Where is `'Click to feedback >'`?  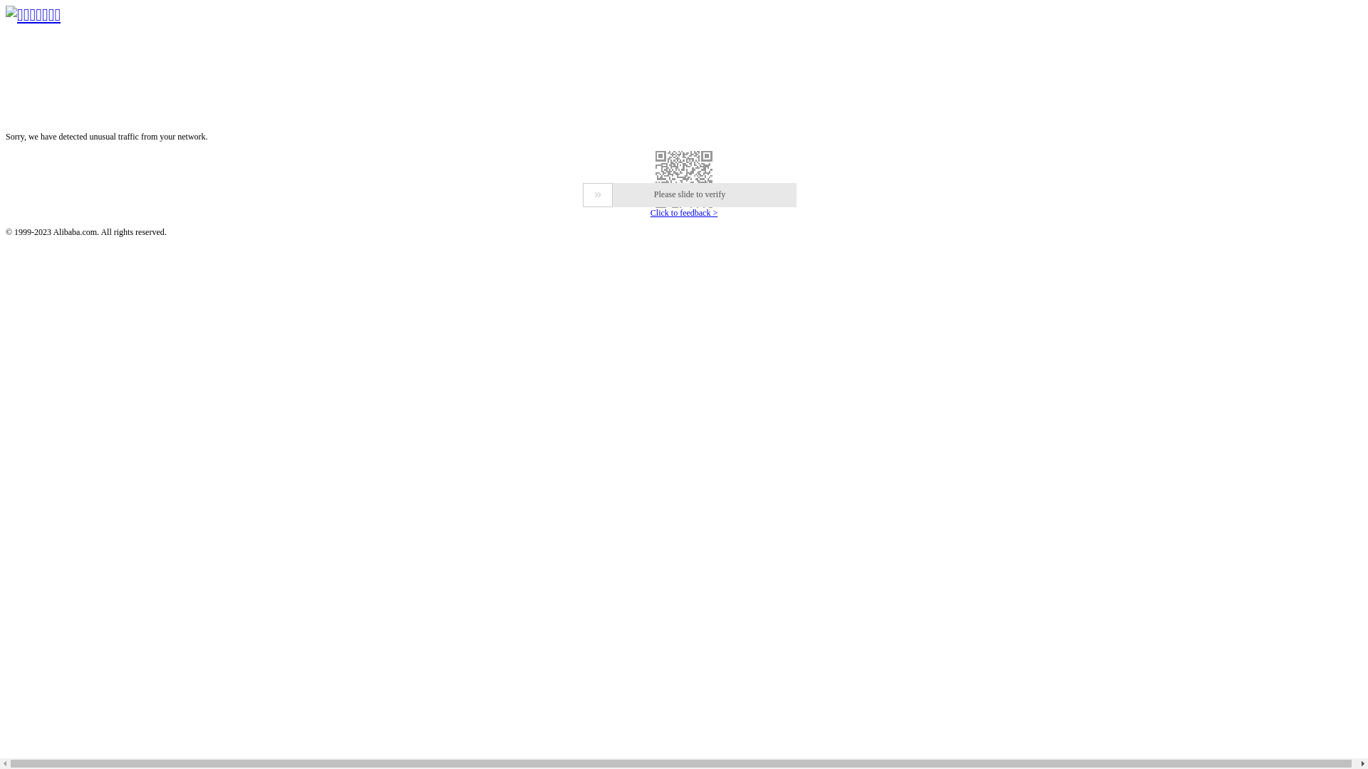 'Click to feedback >' is located at coordinates (684, 213).